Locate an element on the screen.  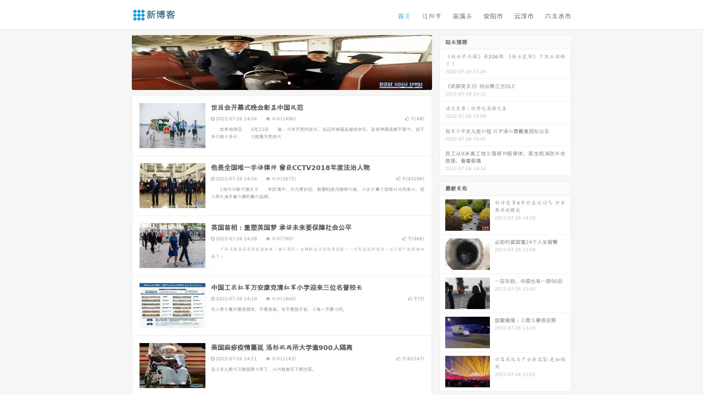
Go to slide 3 is located at coordinates (289, 82).